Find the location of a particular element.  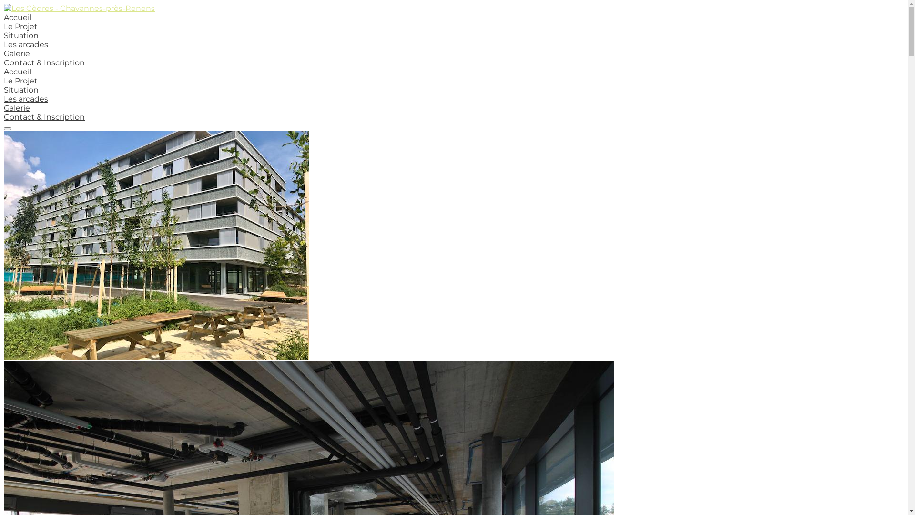

'Accueil' is located at coordinates (18, 17).